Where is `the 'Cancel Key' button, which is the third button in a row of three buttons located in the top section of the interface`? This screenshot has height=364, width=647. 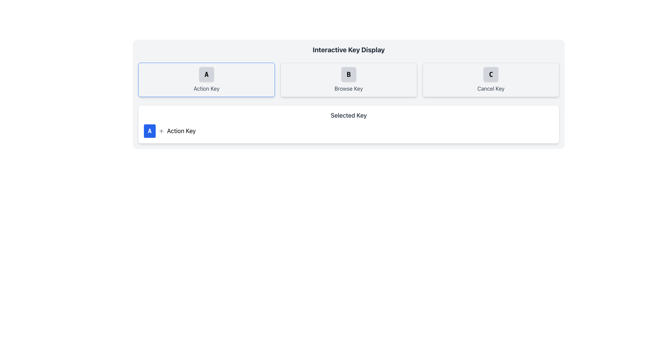
the 'Cancel Key' button, which is the third button in a row of three buttons located in the top section of the interface is located at coordinates (491, 79).